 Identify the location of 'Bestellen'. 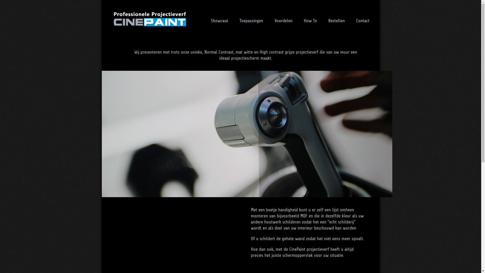
(336, 20).